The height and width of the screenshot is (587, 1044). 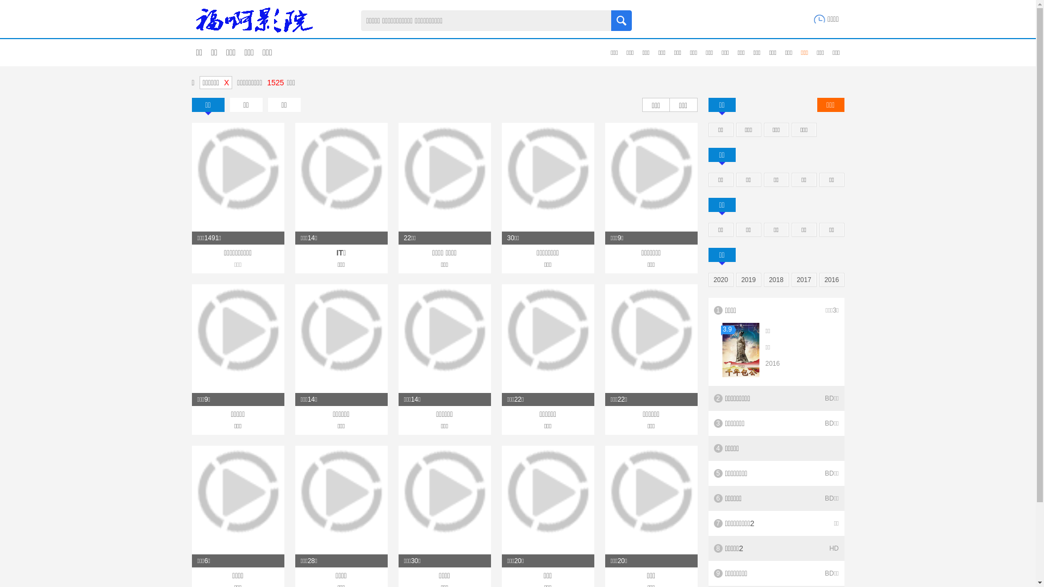 I want to click on '2020', so click(x=709, y=279).